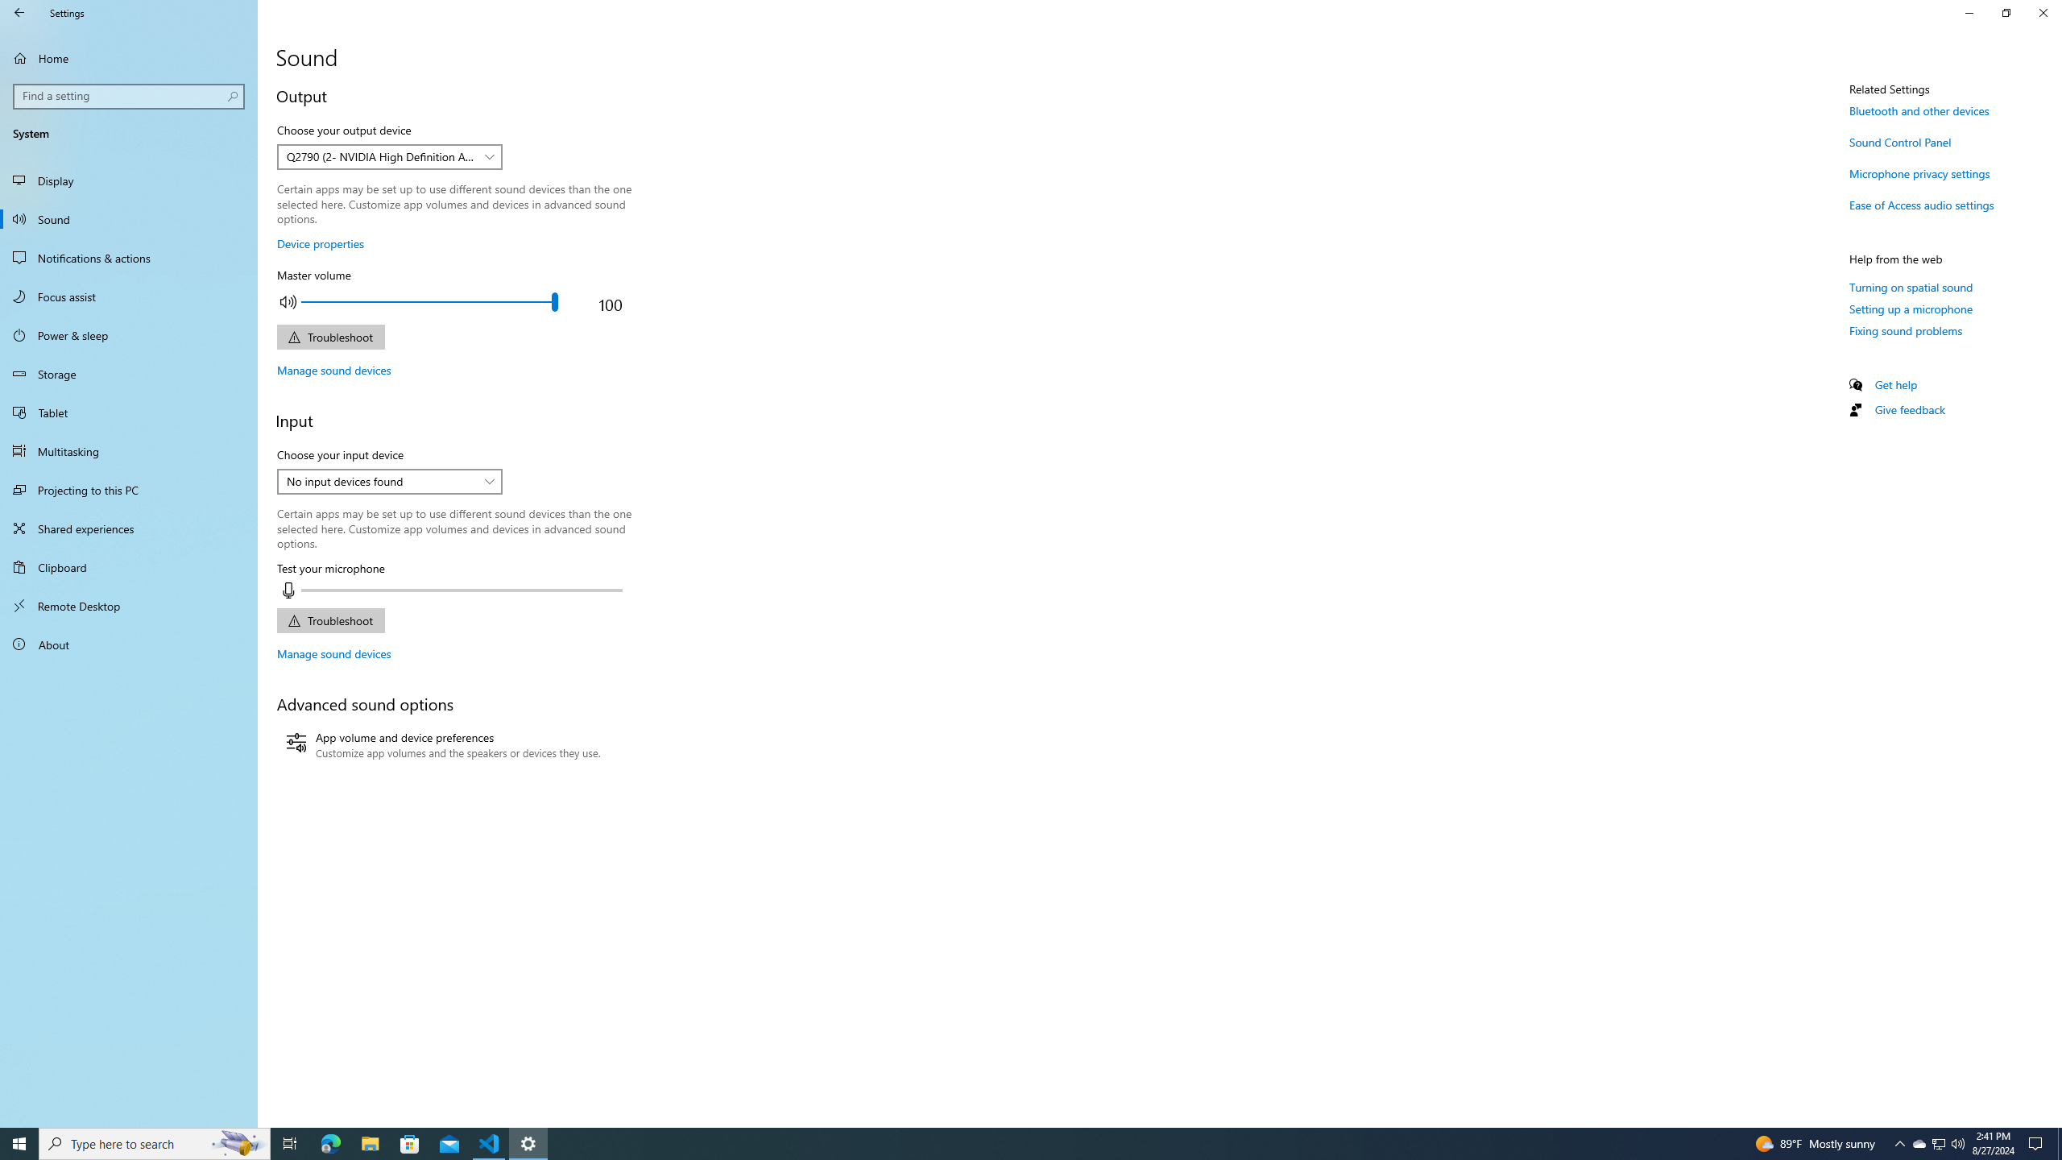 The width and height of the screenshot is (2062, 1160). Describe the element at coordinates (443, 744) in the screenshot. I see `'App volume and device preferences'` at that location.